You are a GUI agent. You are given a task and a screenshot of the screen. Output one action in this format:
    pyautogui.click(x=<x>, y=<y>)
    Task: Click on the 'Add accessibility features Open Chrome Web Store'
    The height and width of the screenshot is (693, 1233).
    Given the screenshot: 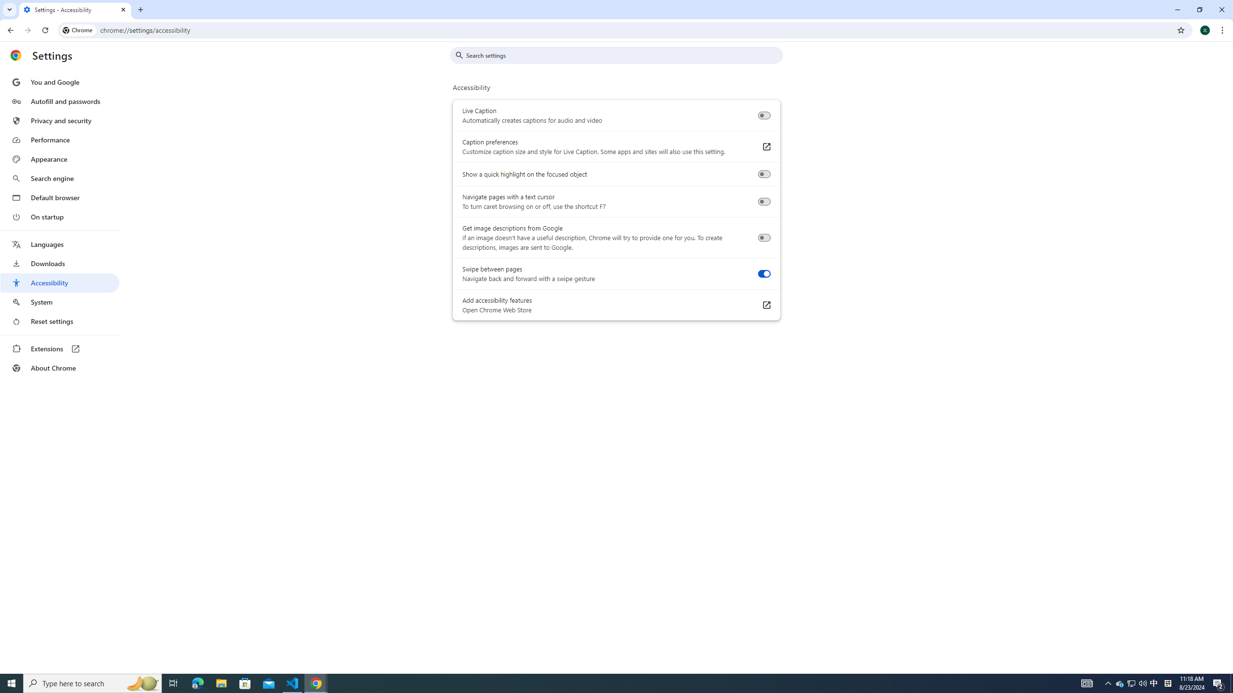 What is the action you would take?
    pyautogui.click(x=766, y=305)
    